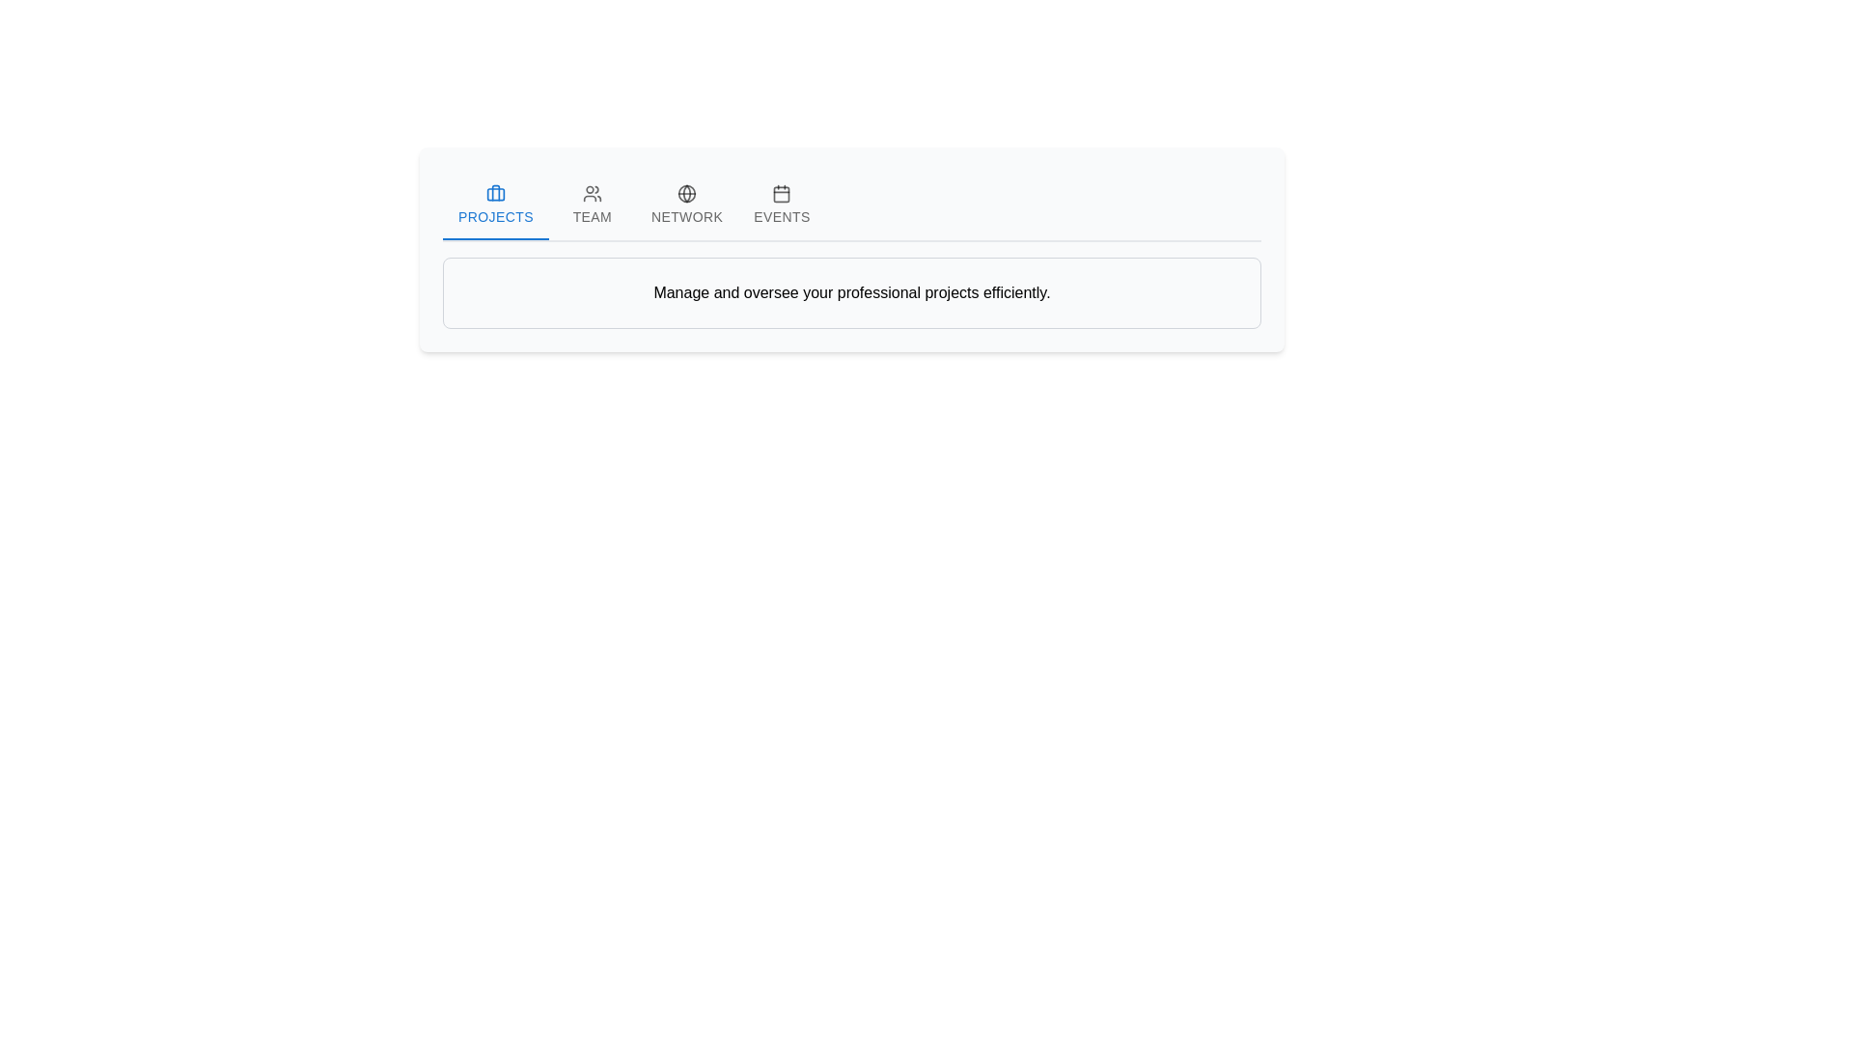 This screenshot has height=1042, width=1853. What do you see at coordinates (782, 205) in the screenshot?
I see `the 'Events' tab, which is the fourth tab in the horizontal tab bar and features a calendar icon above the text` at bounding box center [782, 205].